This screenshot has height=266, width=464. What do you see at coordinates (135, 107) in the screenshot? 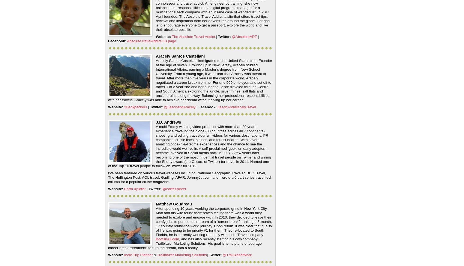
I see `'2Backpackers'` at bounding box center [135, 107].